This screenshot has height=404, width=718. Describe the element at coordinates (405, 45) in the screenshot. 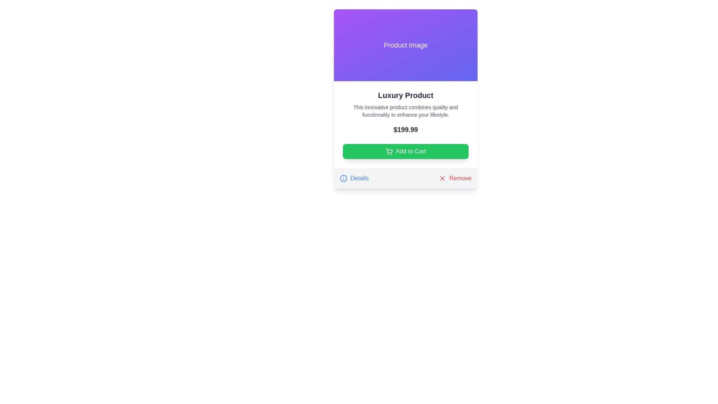

I see `the 'Product Image' text label, which is styled with white text on a purple-to-indigo gradient background and is centrally positioned in the header of the card layout` at that location.